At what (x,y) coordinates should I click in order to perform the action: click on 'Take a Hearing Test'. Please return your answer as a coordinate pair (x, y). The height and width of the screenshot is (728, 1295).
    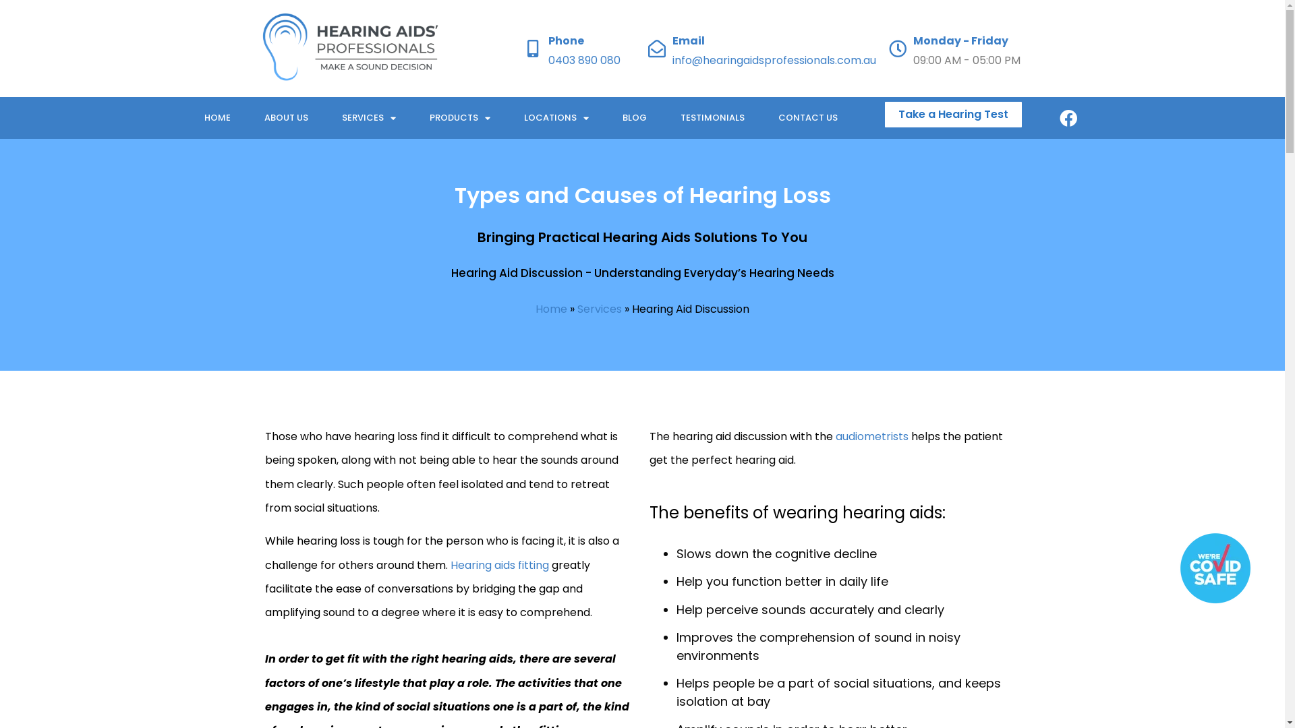
    Looking at the image, I should click on (952, 113).